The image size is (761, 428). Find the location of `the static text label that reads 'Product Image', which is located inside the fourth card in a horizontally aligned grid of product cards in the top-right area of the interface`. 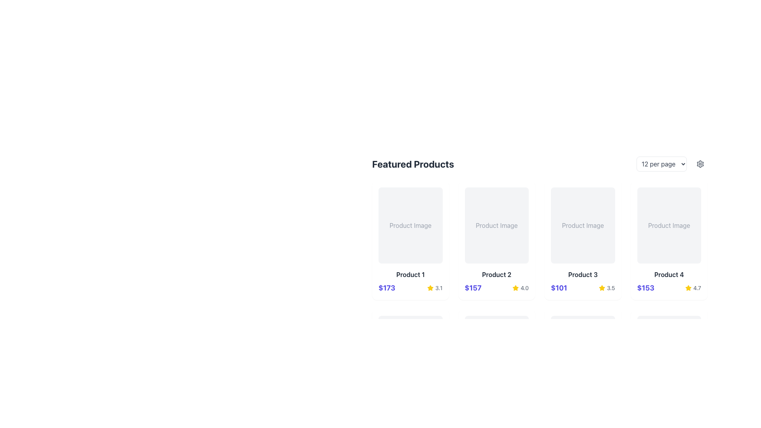

the static text label that reads 'Product Image', which is located inside the fourth card in a horizontally aligned grid of product cards in the top-right area of the interface is located at coordinates (669, 225).